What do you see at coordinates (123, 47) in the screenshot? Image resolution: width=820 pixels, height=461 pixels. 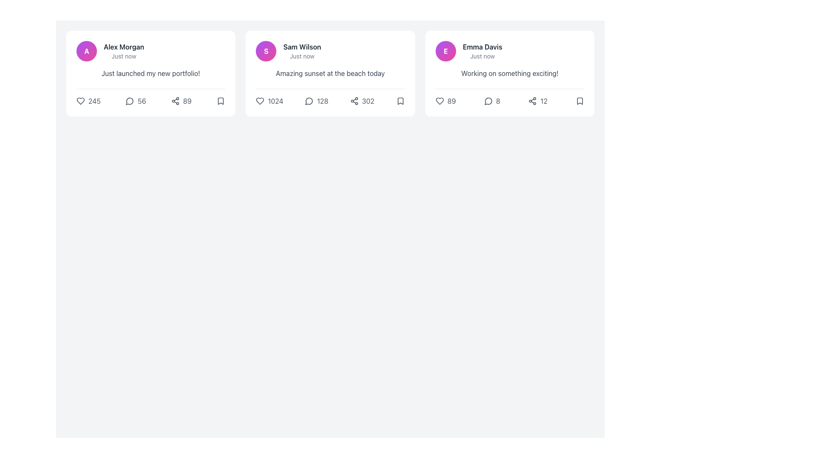 I see `text of the Text Label that identifies the author of the post, located at the top-left corner of the first card, displaying 'Alex Morgan'` at bounding box center [123, 47].